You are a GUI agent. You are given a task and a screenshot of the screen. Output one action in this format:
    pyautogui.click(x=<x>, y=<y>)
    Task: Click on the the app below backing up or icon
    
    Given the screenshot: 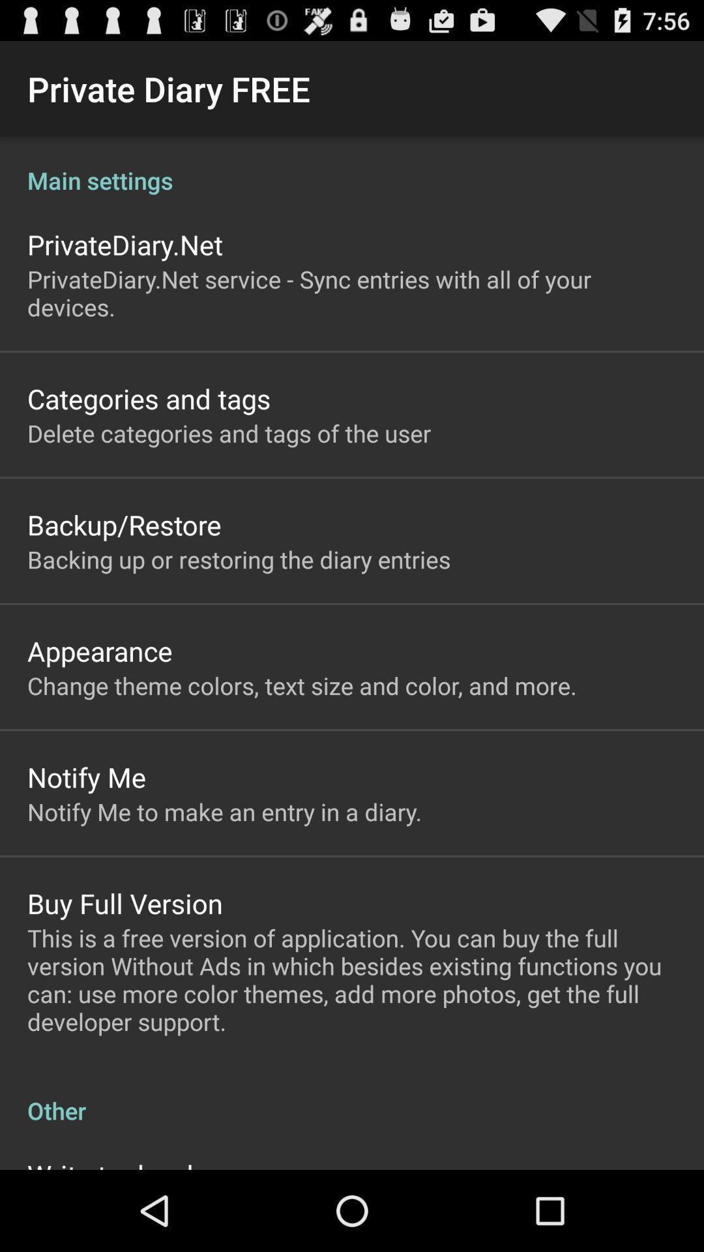 What is the action you would take?
    pyautogui.click(x=99, y=651)
    